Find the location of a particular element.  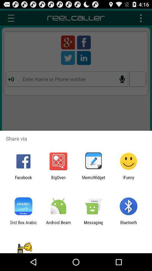

the app to the right of dict box arabic app is located at coordinates (58, 225).